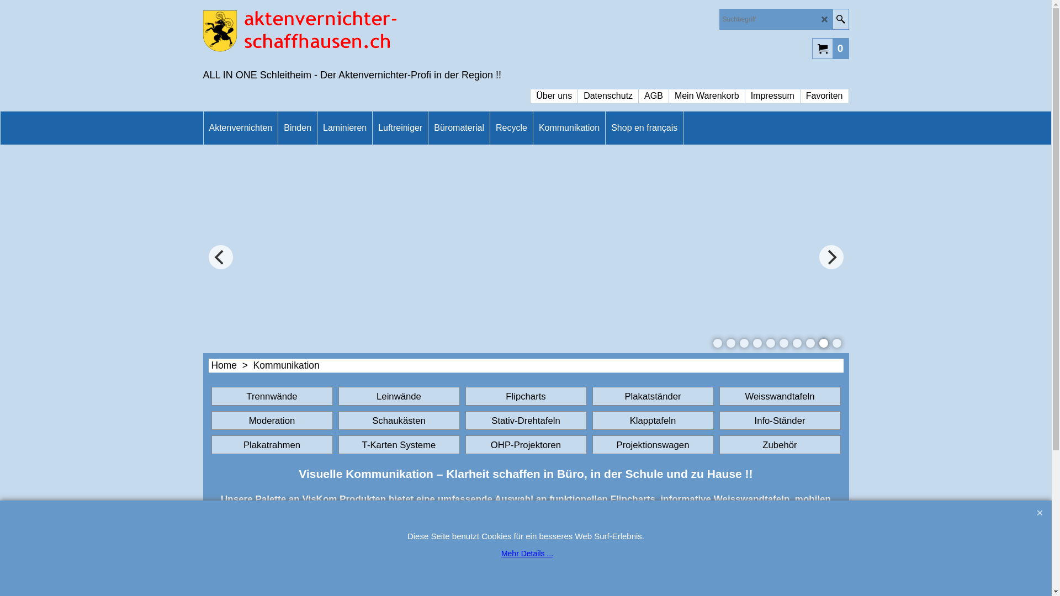 This screenshot has width=1060, height=596. I want to click on 'Mein Warenkorb', so click(707, 90).